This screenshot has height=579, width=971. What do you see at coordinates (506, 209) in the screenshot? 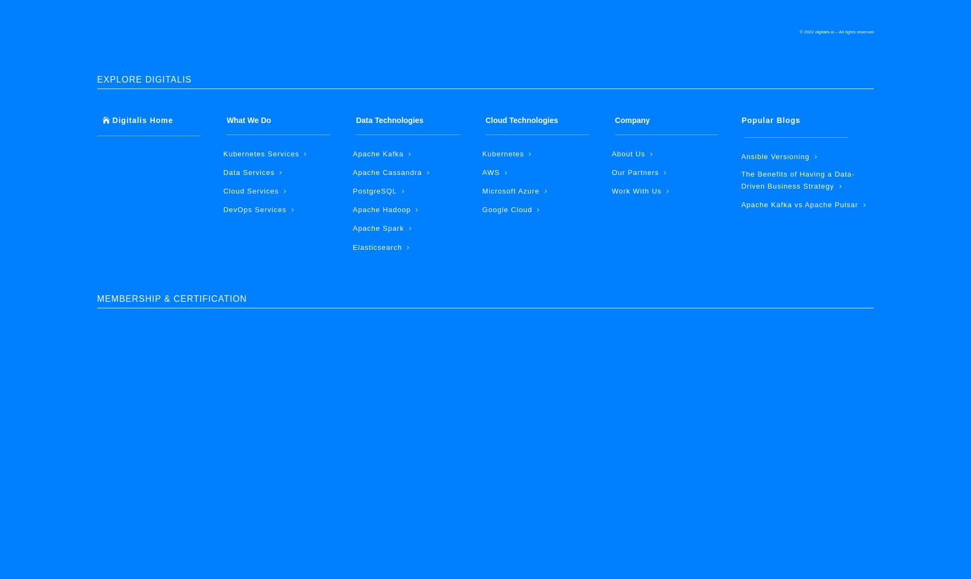
I see `'Google Cloud'` at bounding box center [506, 209].